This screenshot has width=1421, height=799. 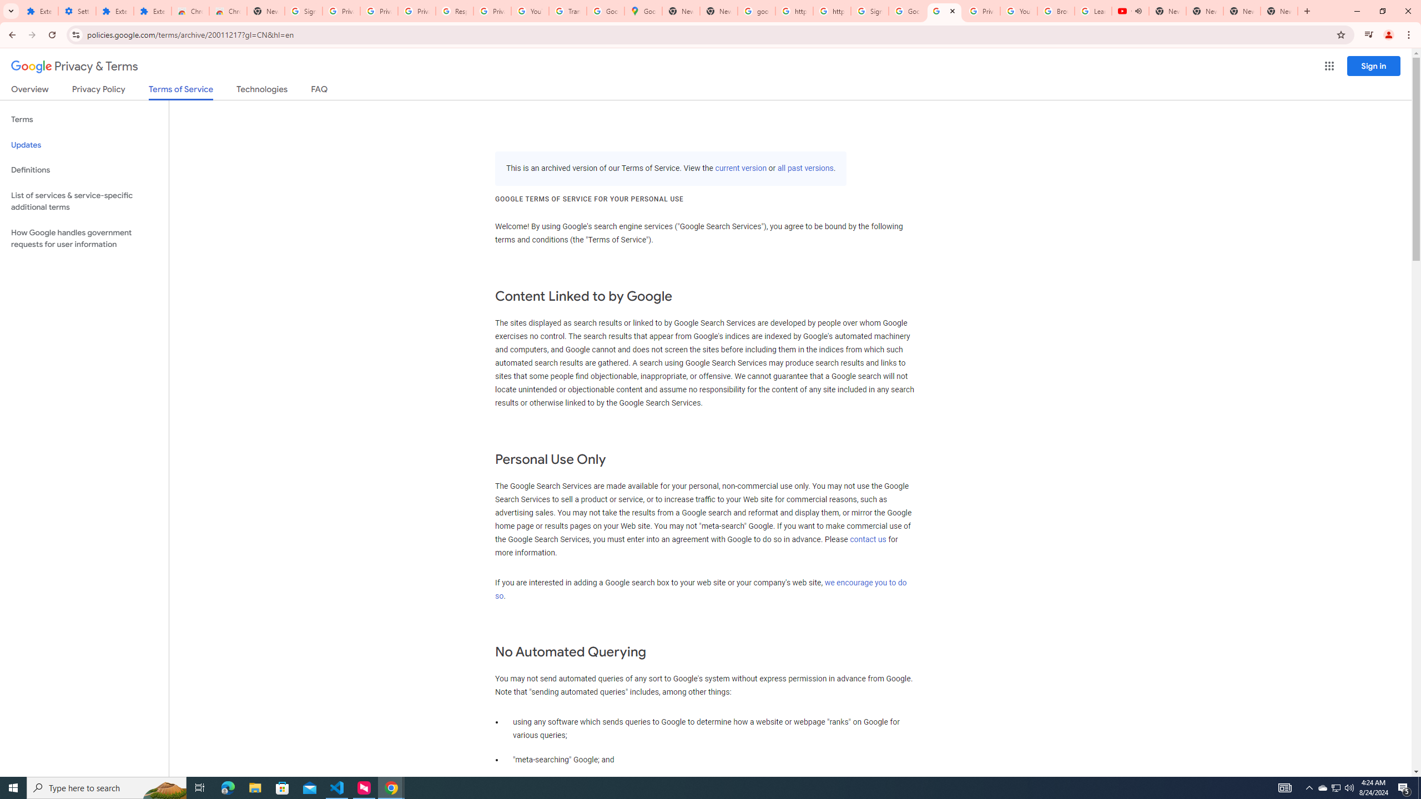 What do you see at coordinates (1369, 34) in the screenshot?
I see `'Control your music, videos, and more'` at bounding box center [1369, 34].